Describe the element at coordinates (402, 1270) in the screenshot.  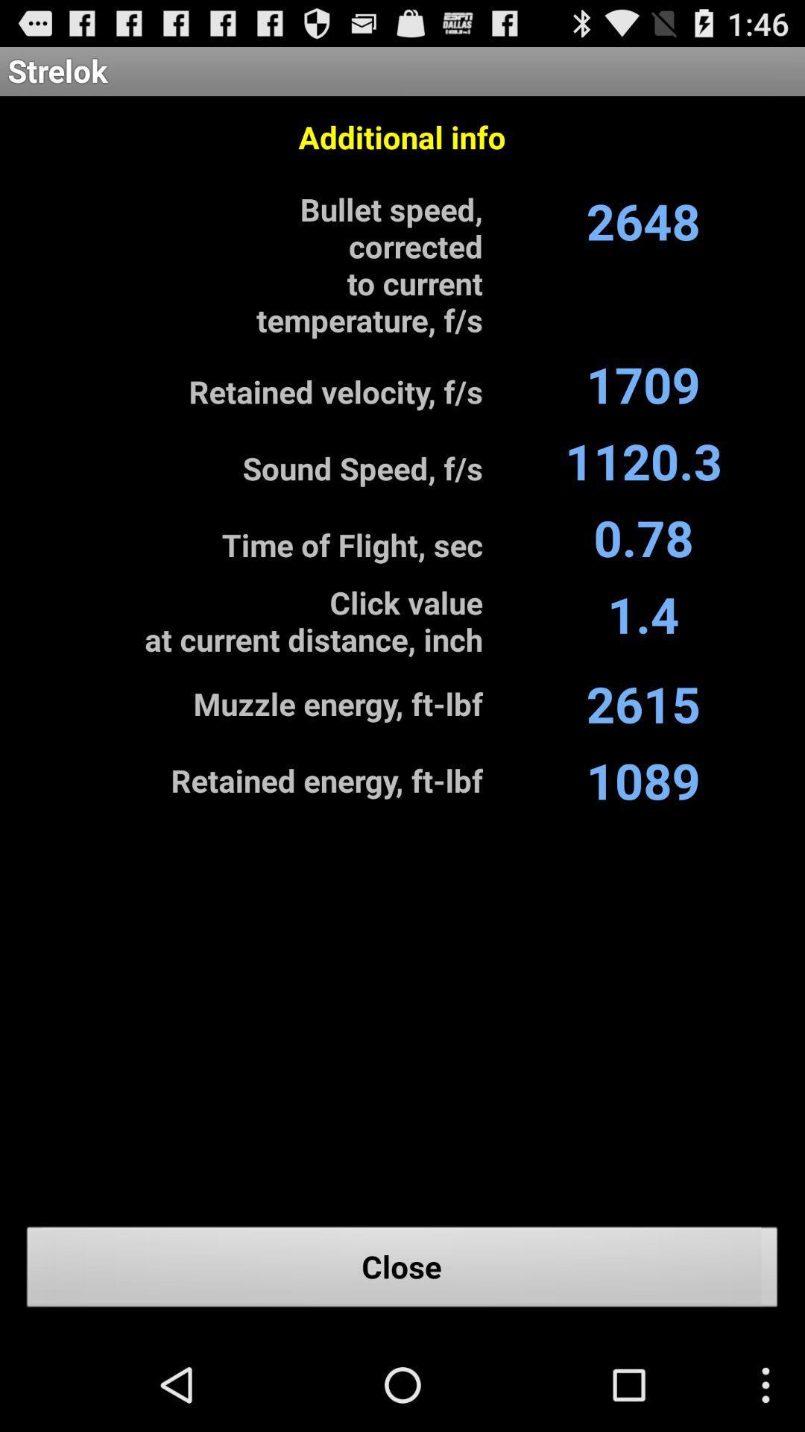
I see `item at the bottom` at that location.